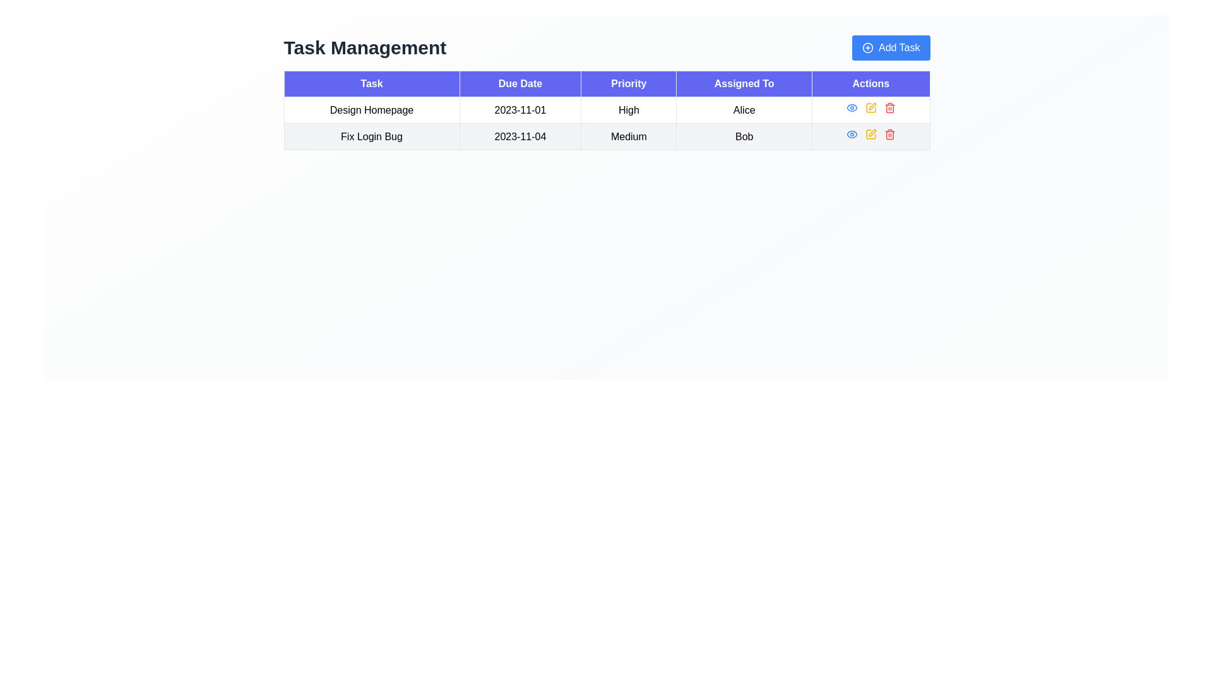  What do you see at coordinates (872, 133) in the screenshot?
I see `the pen icon button in the 'Actions' column of the second row, which is associated with the 'Fix Login Bug' task` at bounding box center [872, 133].